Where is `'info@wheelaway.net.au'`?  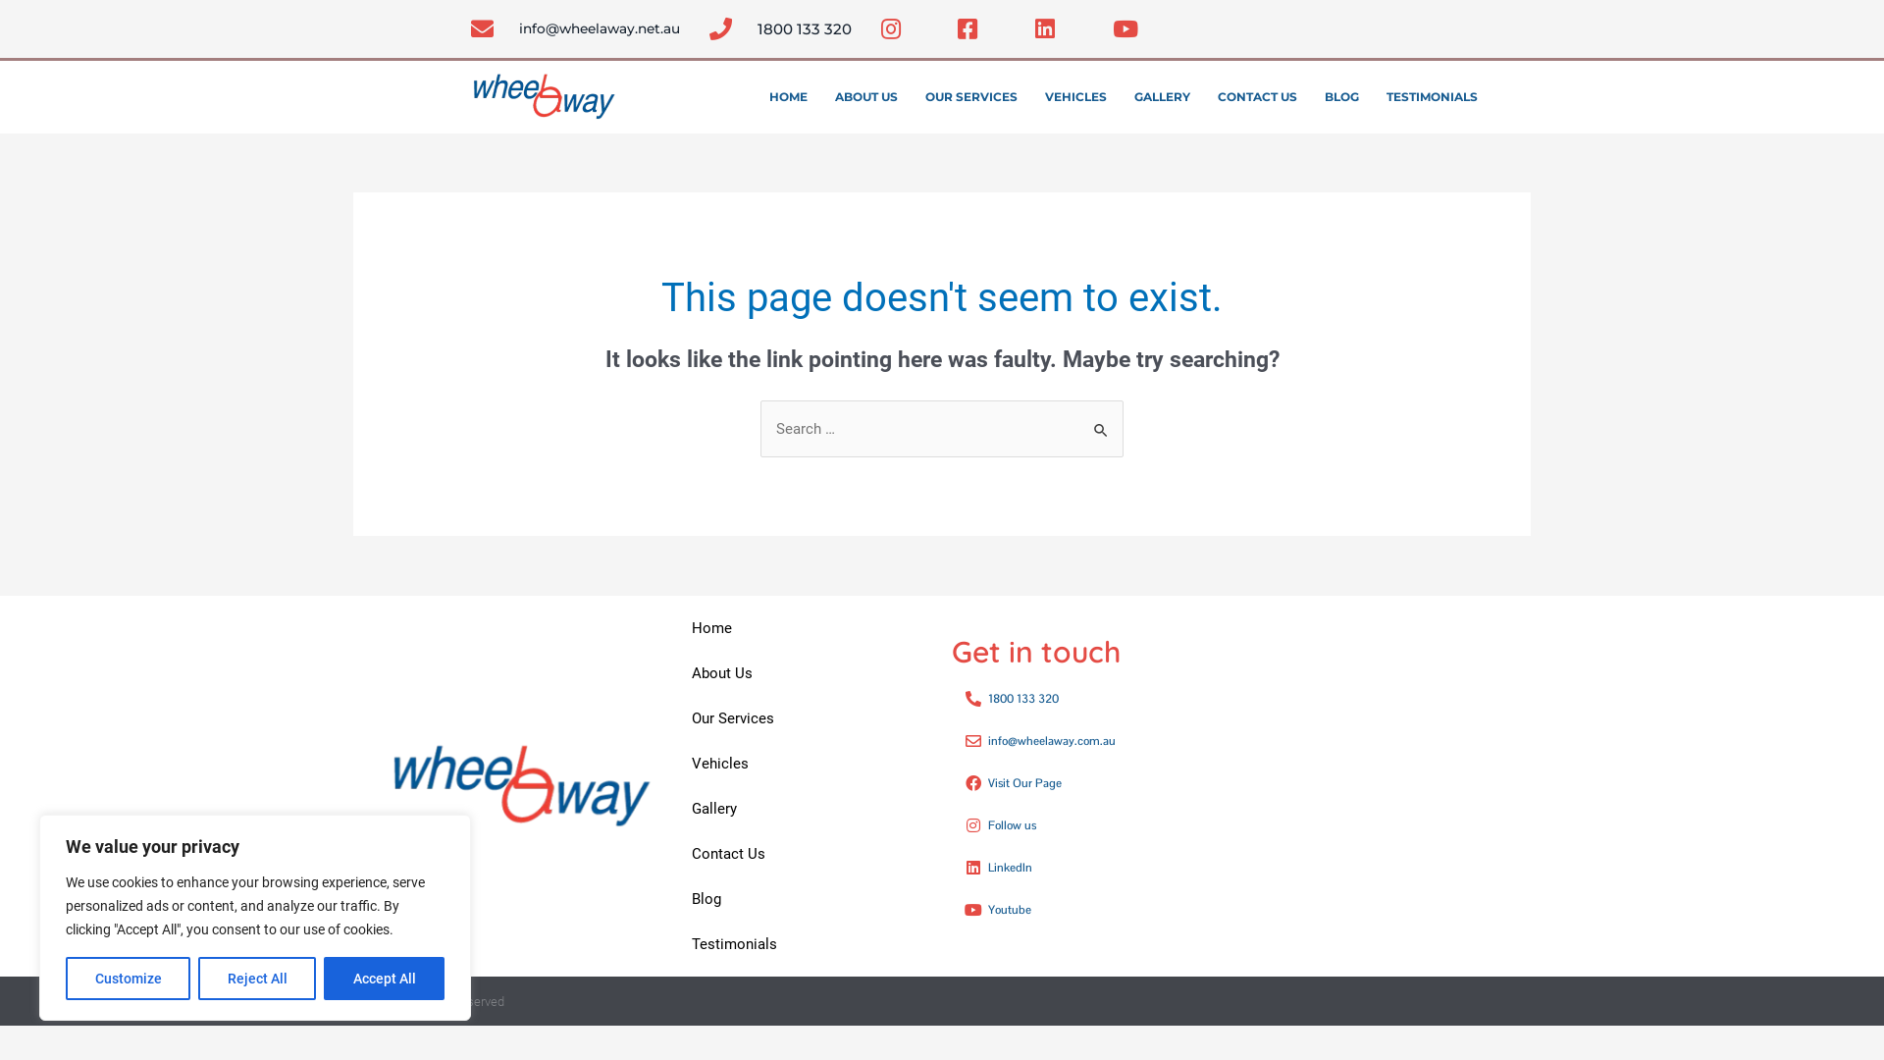
'info@wheelaway.net.au' is located at coordinates (574, 28).